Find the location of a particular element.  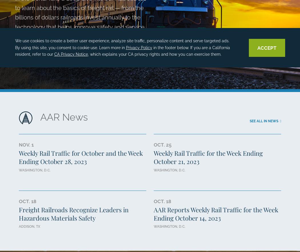

'AAR News' is located at coordinates (63, 117).